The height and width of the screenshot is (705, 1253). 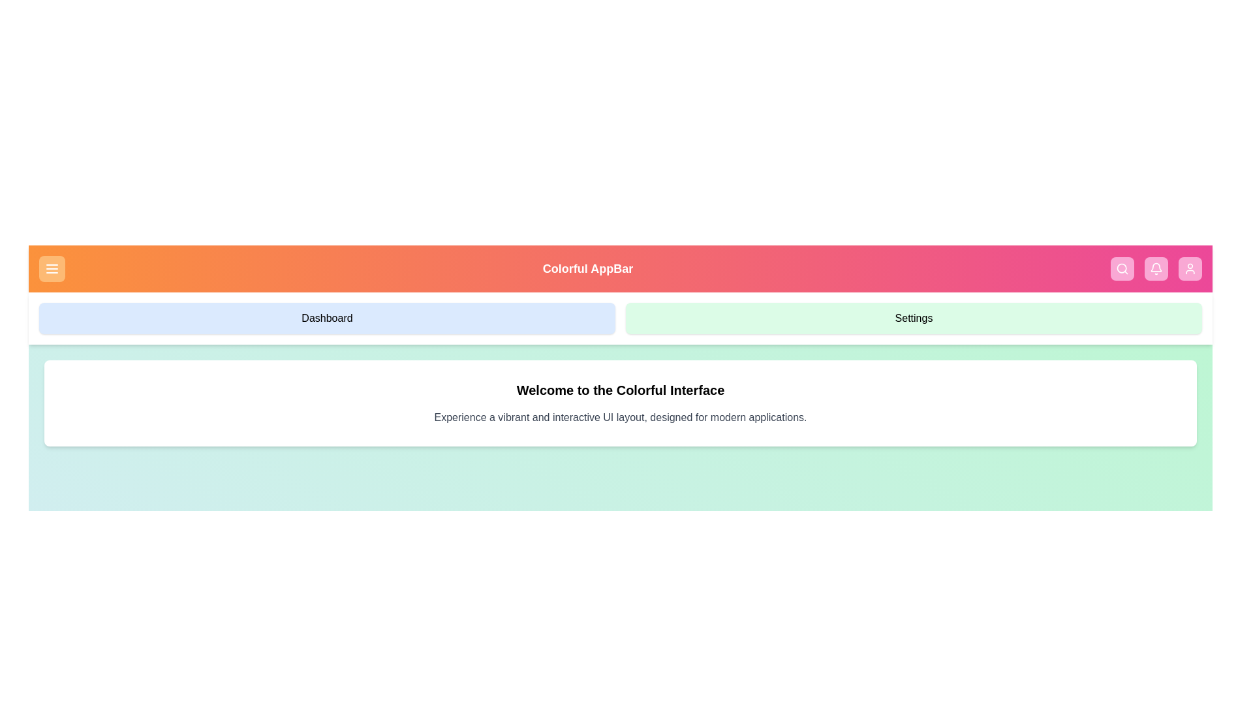 What do you see at coordinates (1156, 268) in the screenshot?
I see `the Notifications button represented by the Bell icon` at bounding box center [1156, 268].